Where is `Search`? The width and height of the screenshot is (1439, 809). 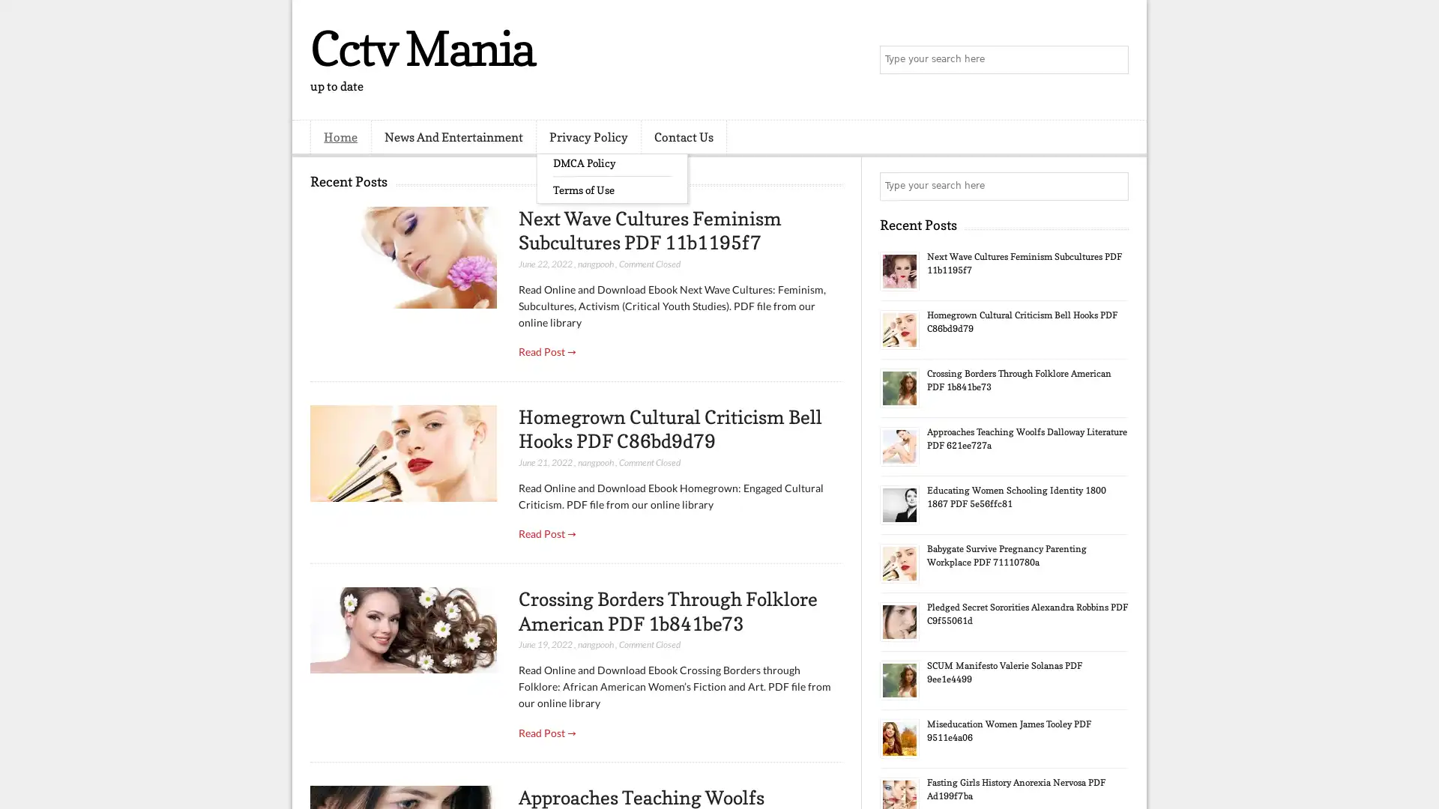 Search is located at coordinates (1113, 186).